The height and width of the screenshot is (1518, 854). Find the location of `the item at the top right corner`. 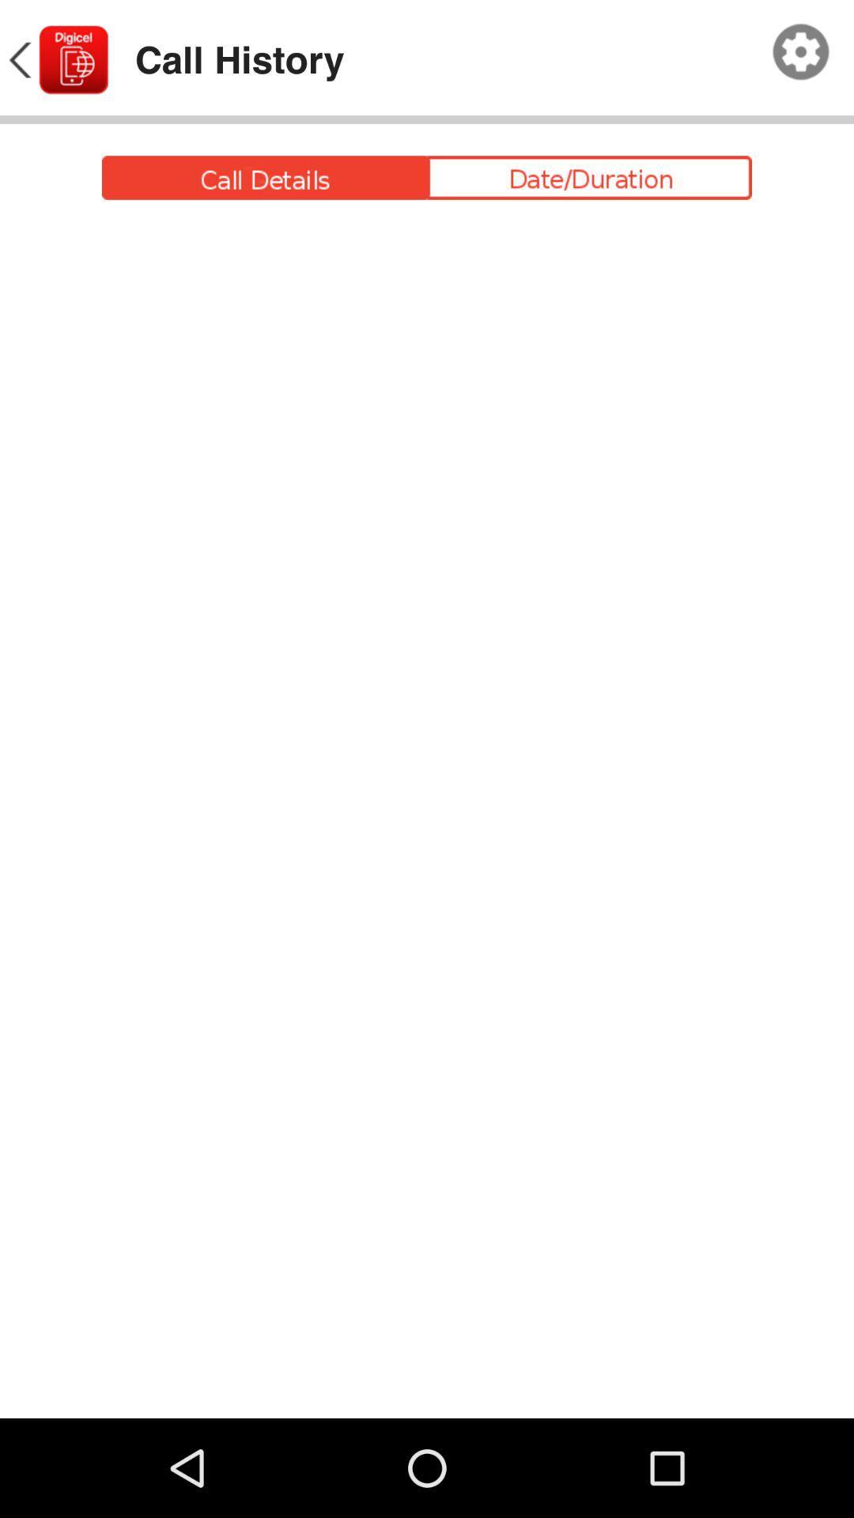

the item at the top right corner is located at coordinates (801, 52).